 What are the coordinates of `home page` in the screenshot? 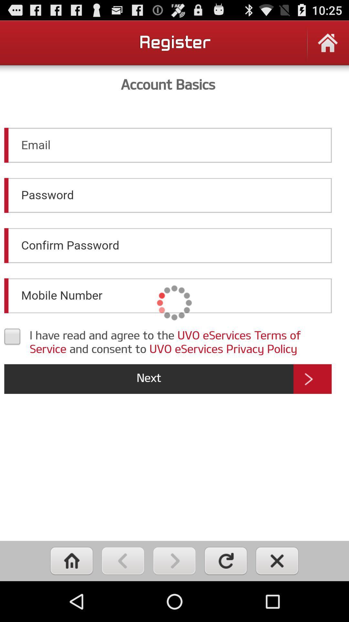 It's located at (71, 560).